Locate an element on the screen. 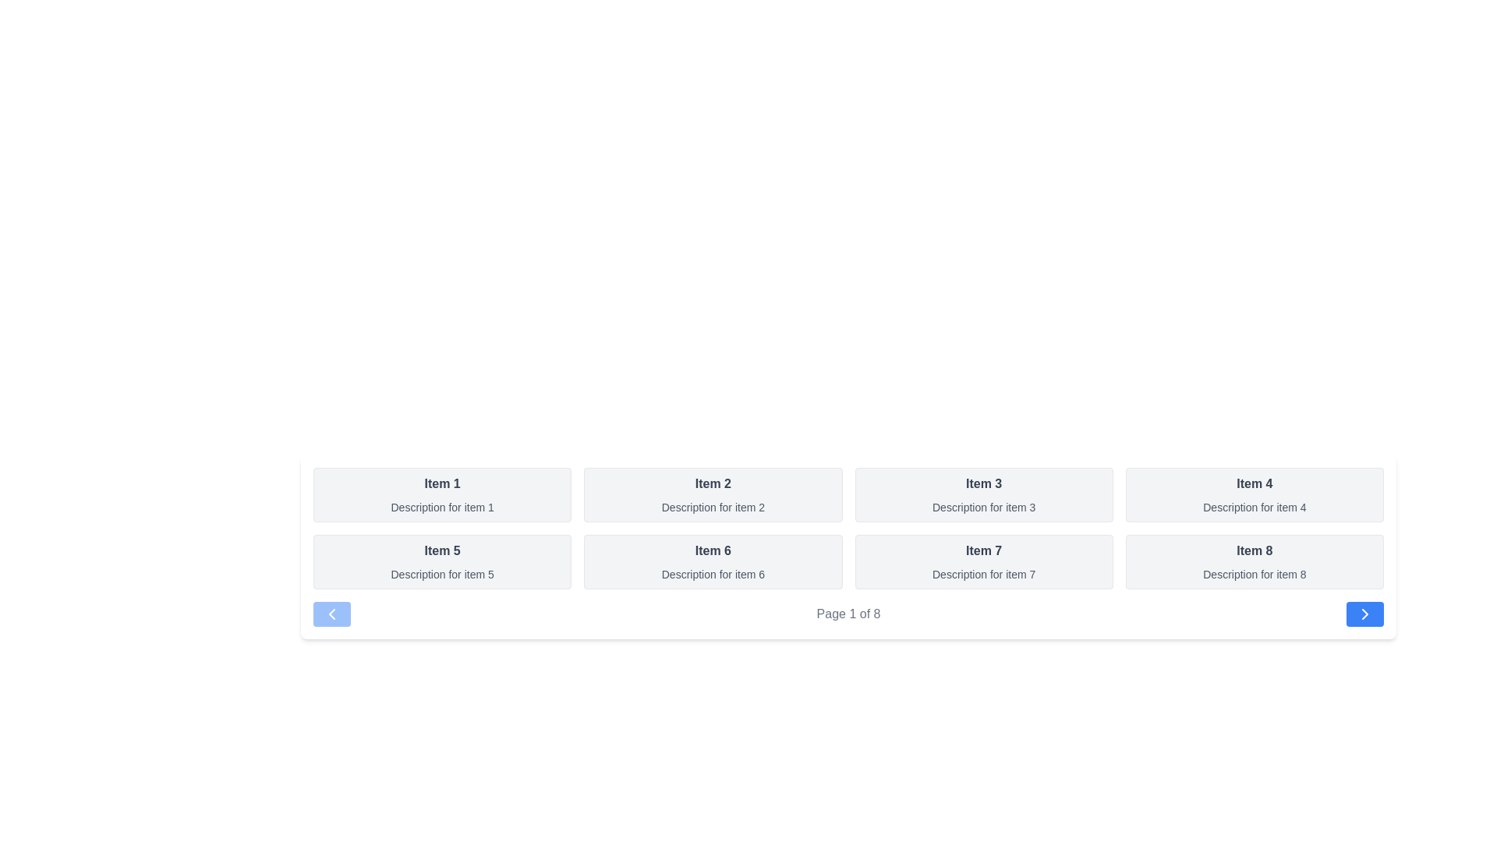 Image resolution: width=1497 pixels, height=842 pixels. the Text Label reading 'Description for item 6' is located at coordinates (712, 574).